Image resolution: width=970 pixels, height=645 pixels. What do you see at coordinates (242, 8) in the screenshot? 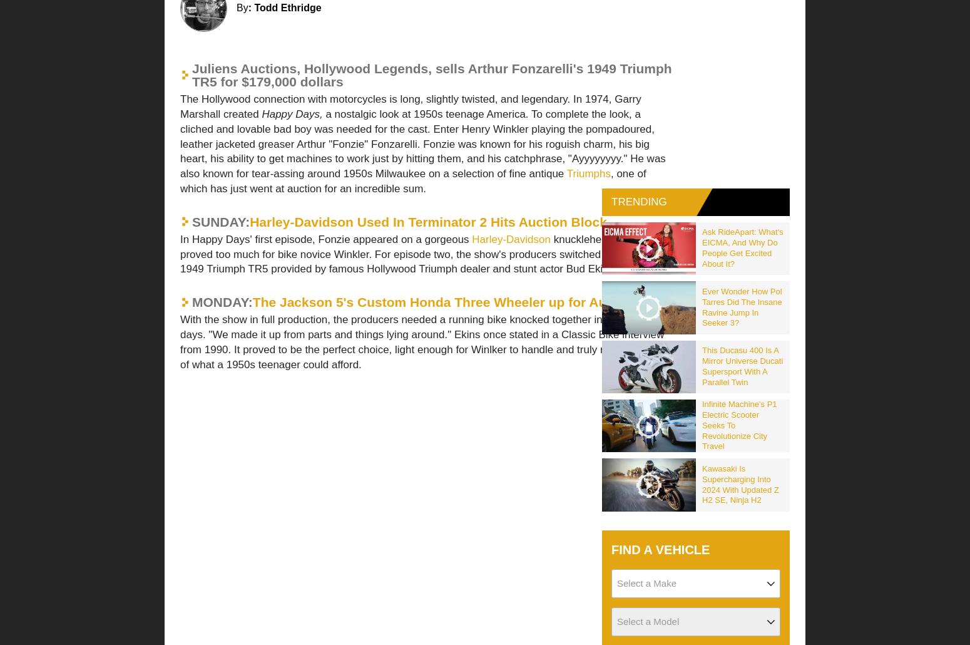
I see `'By'` at bounding box center [242, 8].